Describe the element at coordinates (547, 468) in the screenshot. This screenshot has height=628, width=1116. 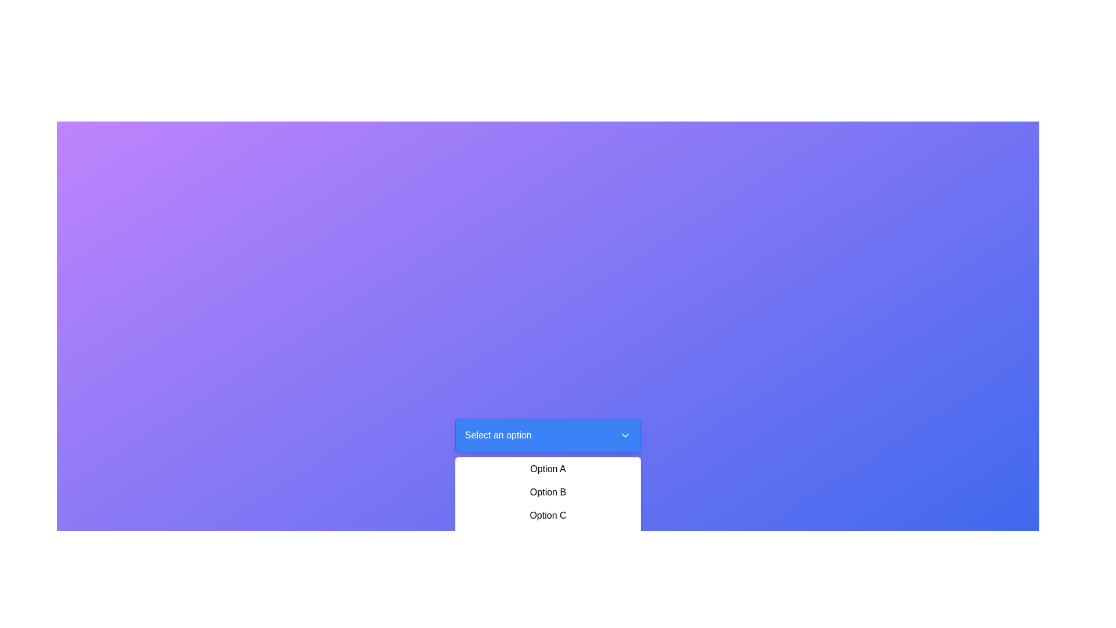
I see `the first option in the dropdown menu` at that location.